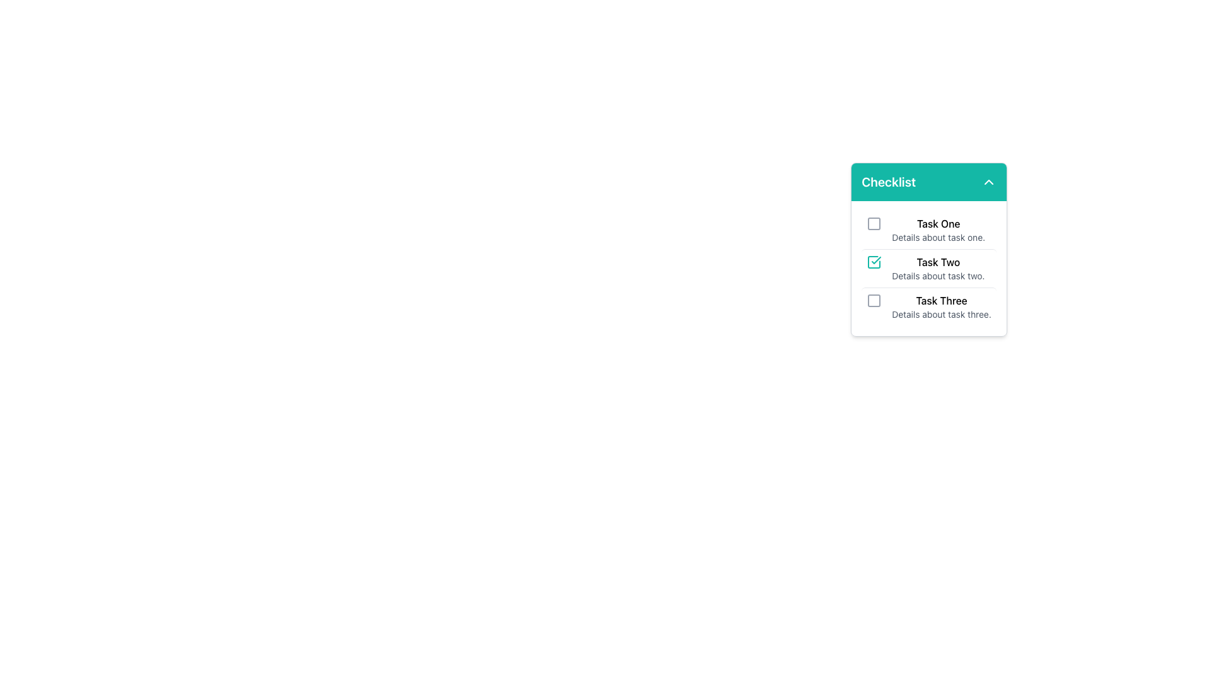 The height and width of the screenshot is (681, 1211). I want to click on the checklist item titled 'Task Three', so click(929, 306).